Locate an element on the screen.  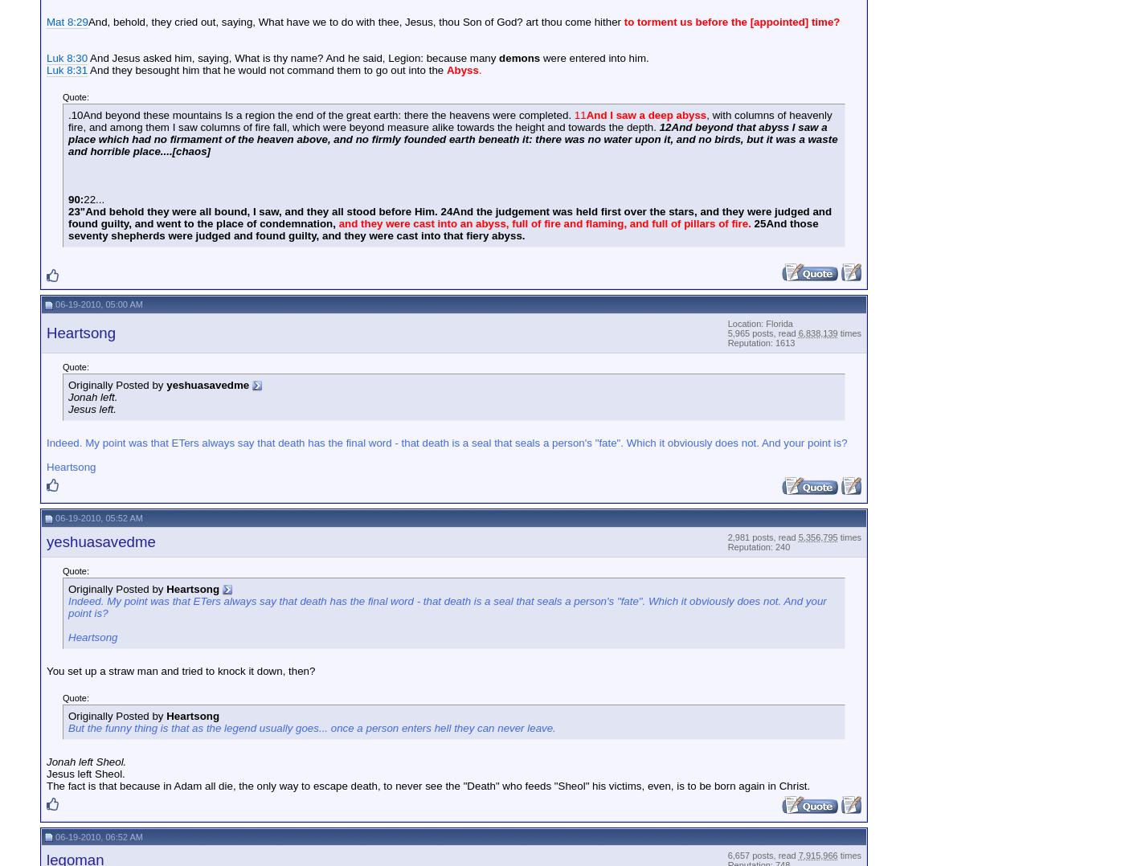
'Reputation: 1613' is located at coordinates (760, 342).